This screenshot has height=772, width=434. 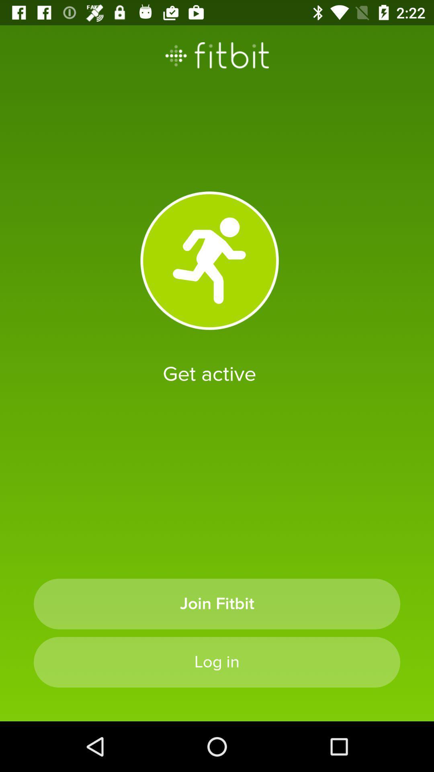 What do you see at coordinates (217, 604) in the screenshot?
I see `the icon below the get active` at bounding box center [217, 604].